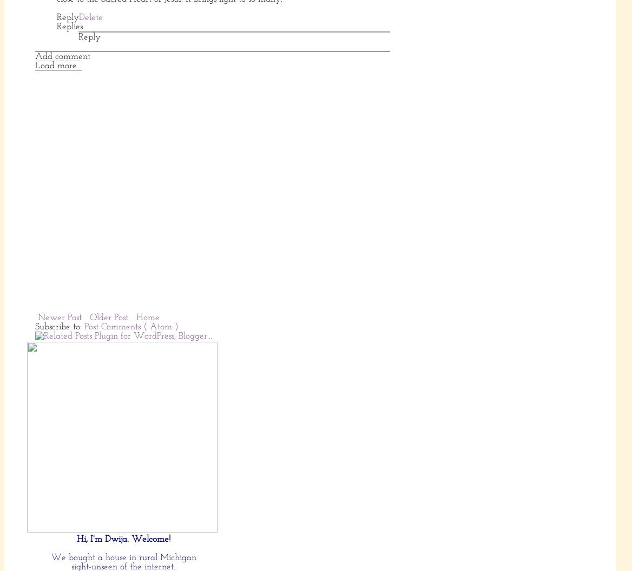 Image resolution: width=632 pixels, height=571 pixels. I want to click on 'Newer Post', so click(60, 316).